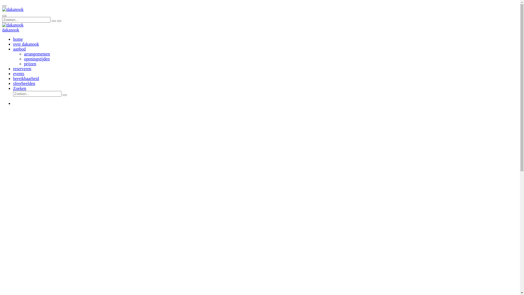 The height and width of the screenshot is (295, 524). Describe the element at coordinates (30, 63) in the screenshot. I see `'prijzen'` at that location.